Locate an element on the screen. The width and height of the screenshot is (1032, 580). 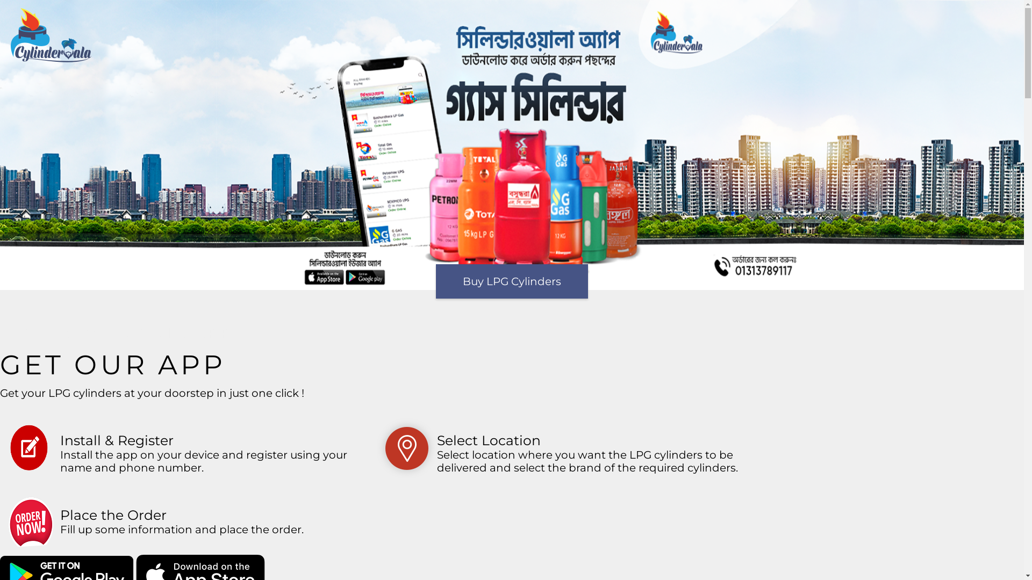
'Buy LPG Cylinders' is located at coordinates (511, 281).